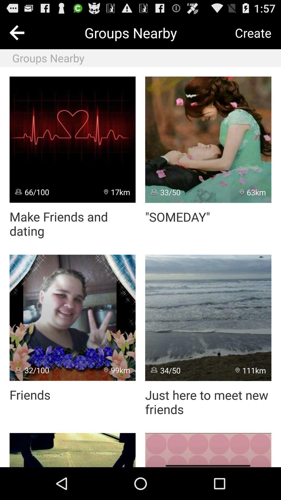  I want to click on the 99km, so click(117, 370).